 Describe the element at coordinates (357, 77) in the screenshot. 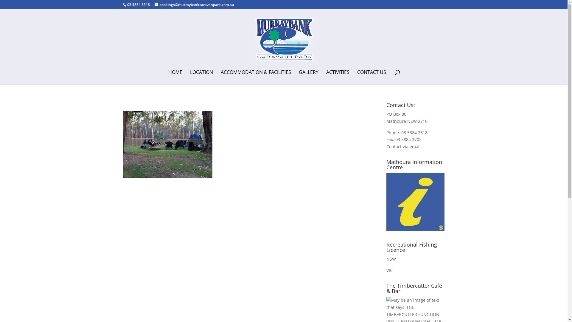

I see `'CONTACT US'` at that location.